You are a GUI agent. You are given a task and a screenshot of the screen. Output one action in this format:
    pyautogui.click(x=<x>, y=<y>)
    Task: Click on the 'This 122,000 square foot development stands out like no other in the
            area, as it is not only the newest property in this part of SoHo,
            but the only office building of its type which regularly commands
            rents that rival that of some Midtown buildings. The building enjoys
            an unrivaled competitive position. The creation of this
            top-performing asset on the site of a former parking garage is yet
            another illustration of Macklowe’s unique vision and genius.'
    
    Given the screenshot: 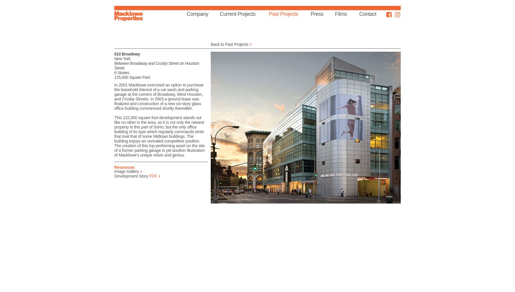 What is the action you would take?
    pyautogui.click(x=159, y=136)
    